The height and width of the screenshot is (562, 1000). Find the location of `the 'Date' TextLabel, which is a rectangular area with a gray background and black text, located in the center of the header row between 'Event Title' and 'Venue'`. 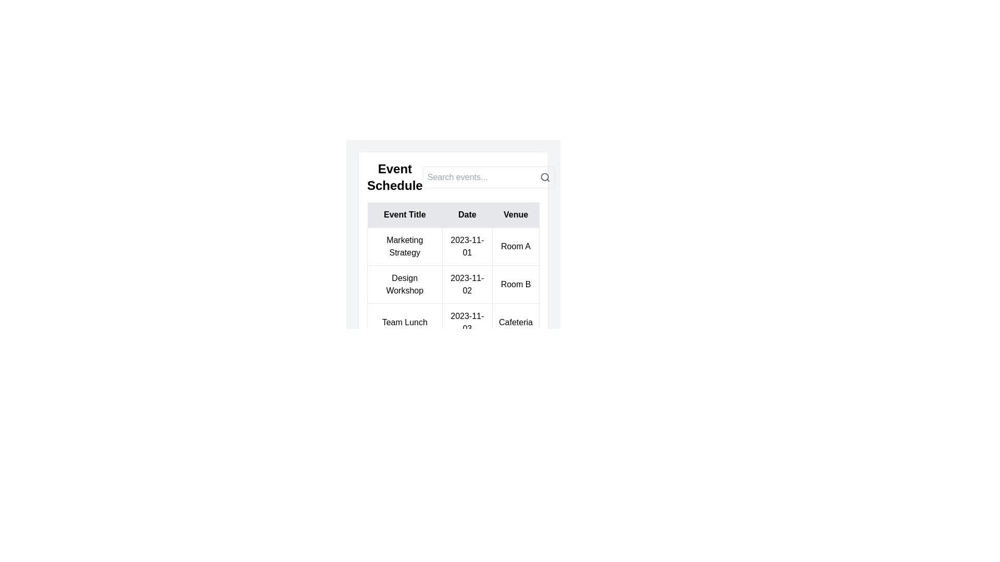

the 'Date' TextLabel, which is a rectangular area with a gray background and black text, located in the center of the header row between 'Event Title' and 'Venue' is located at coordinates (467, 214).